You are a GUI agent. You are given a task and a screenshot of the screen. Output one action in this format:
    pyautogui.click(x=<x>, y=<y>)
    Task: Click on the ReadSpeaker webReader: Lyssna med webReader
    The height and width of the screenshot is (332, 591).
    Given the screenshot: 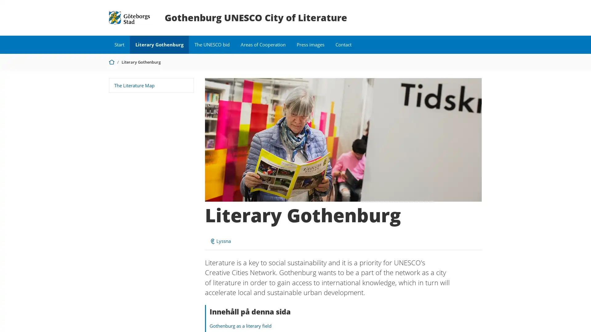 What is the action you would take?
    pyautogui.click(x=220, y=240)
    